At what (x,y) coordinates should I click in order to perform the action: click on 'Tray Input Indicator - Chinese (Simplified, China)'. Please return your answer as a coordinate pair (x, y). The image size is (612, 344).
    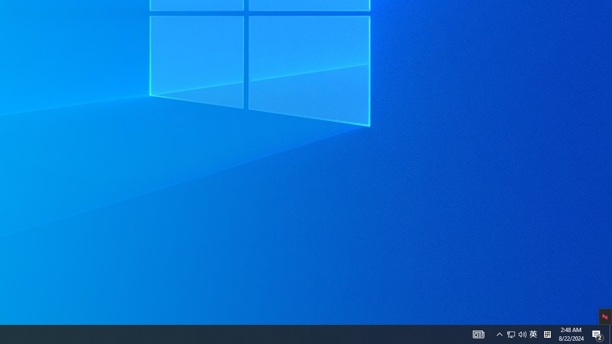
    Looking at the image, I should click on (533, 333).